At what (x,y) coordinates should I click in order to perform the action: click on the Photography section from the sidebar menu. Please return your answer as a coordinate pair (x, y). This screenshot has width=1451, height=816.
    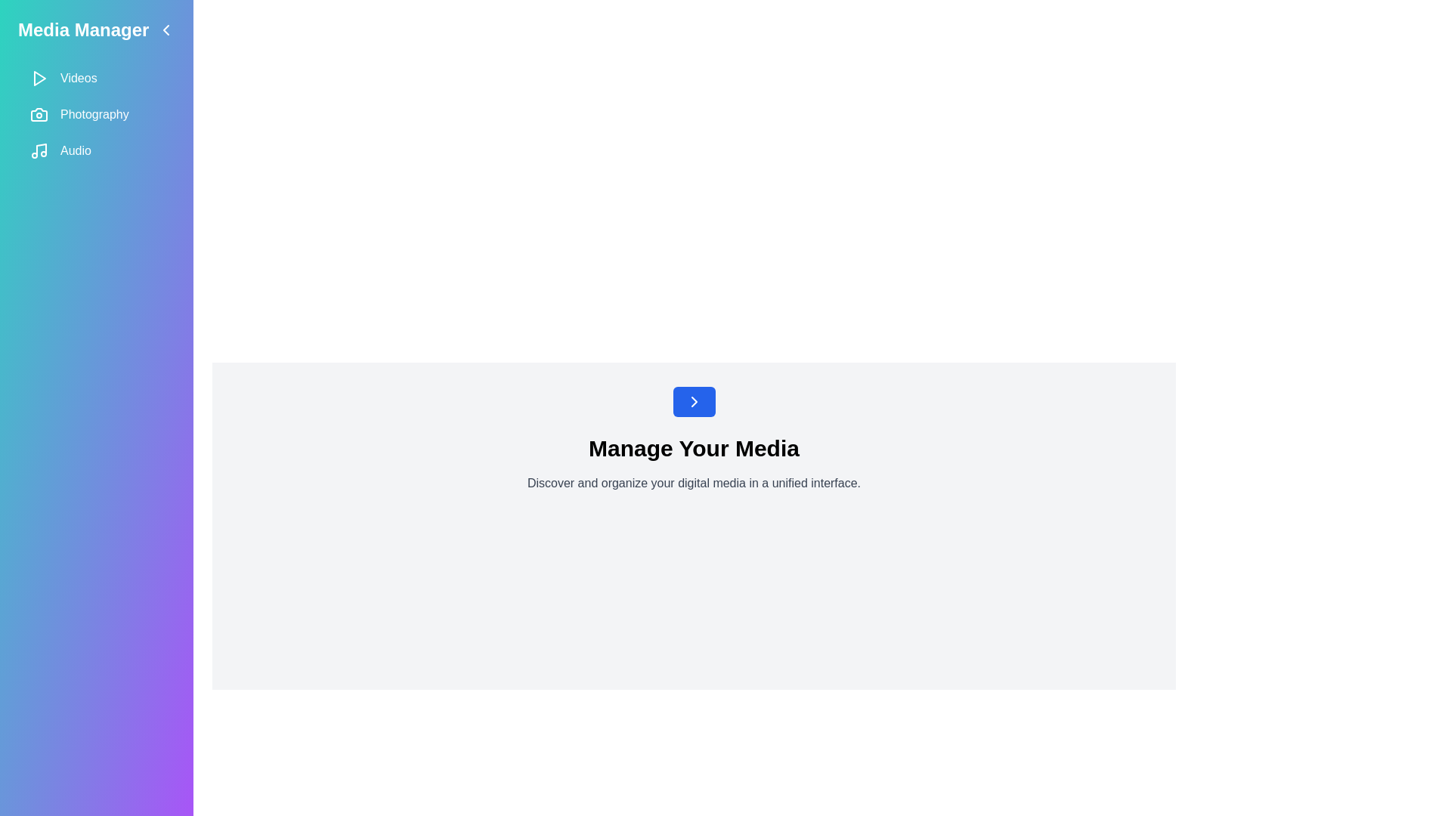
    Looking at the image, I should click on (96, 113).